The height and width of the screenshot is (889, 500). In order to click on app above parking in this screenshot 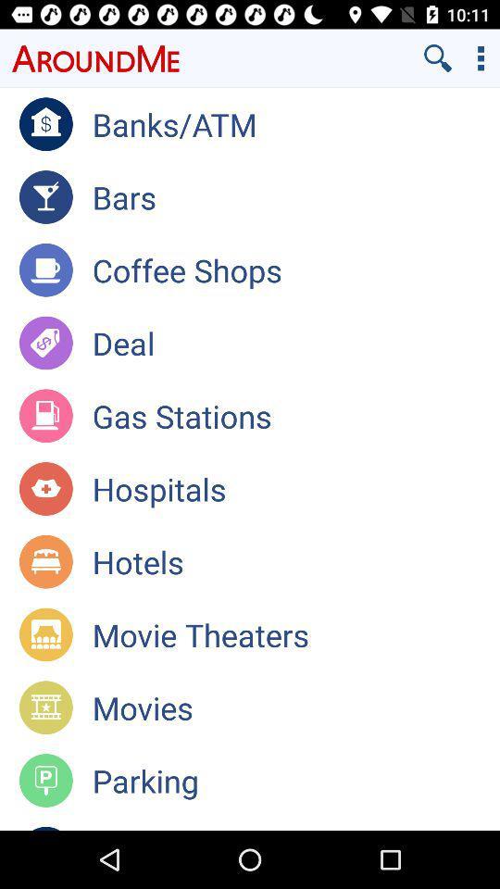, I will do `click(295, 707)`.